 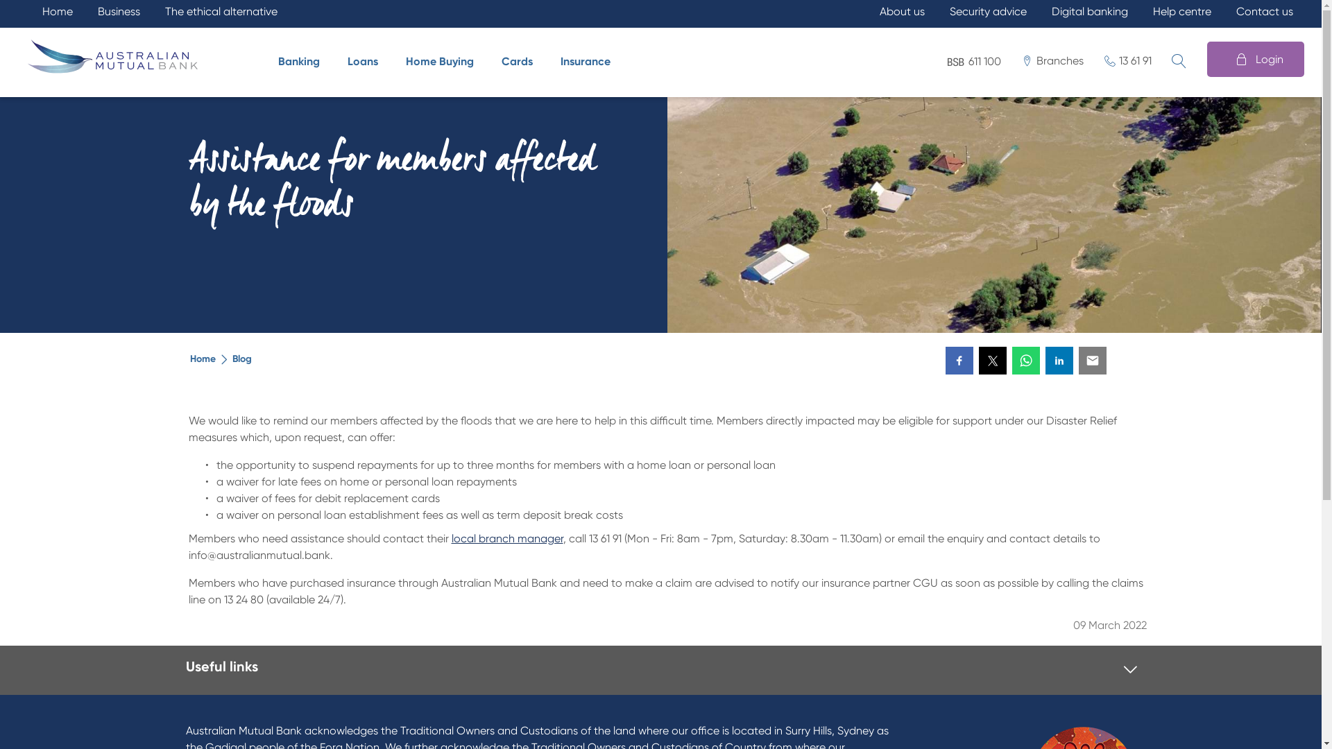 I want to click on 'Blog', so click(x=241, y=358).